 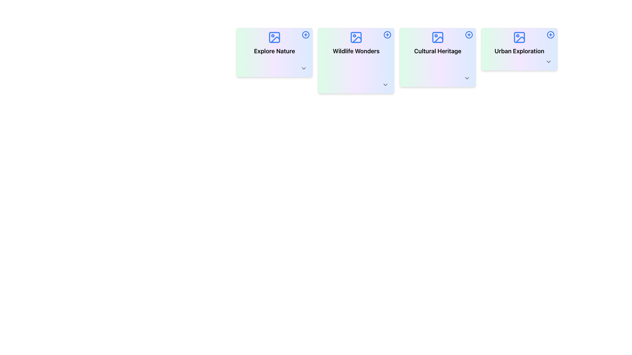 What do you see at coordinates (548, 62) in the screenshot?
I see `the downward-pointing chevron icon located at the bottom-right corner of the 'Urban Exploration' card` at bounding box center [548, 62].